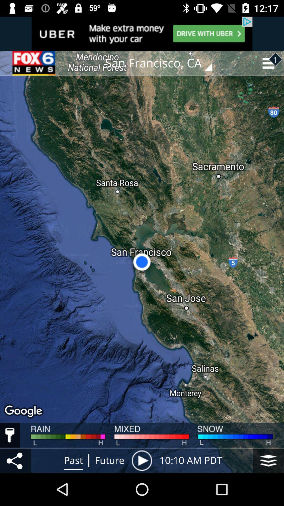 The width and height of the screenshot is (284, 506). I want to click on item to the left of 10 10 am icon, so click(141, 460).